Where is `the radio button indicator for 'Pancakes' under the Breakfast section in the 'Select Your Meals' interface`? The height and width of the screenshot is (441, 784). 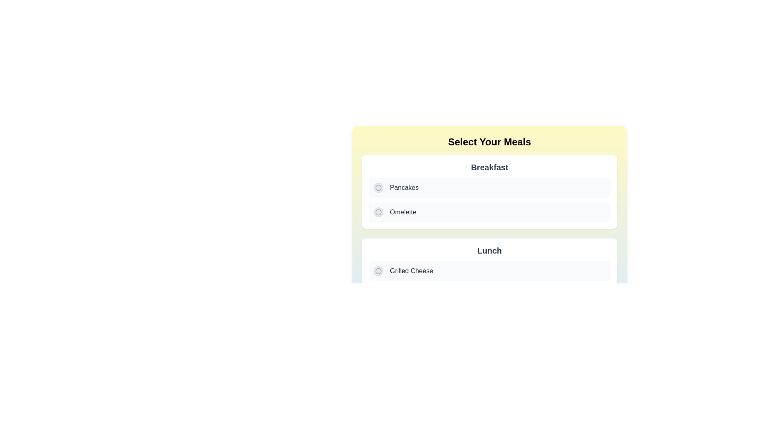
the radio button indicator for 'Pancakes' under the Breakfast section in the 'Select Your Meals' interface is located at coordinates (378, 271).